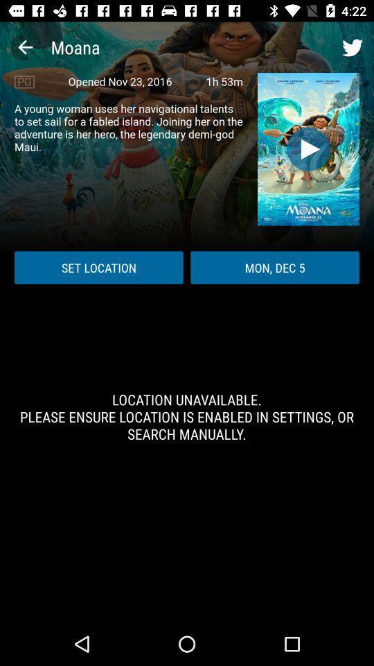  I want to click on the item next to the moana icon, so click(25, 47).